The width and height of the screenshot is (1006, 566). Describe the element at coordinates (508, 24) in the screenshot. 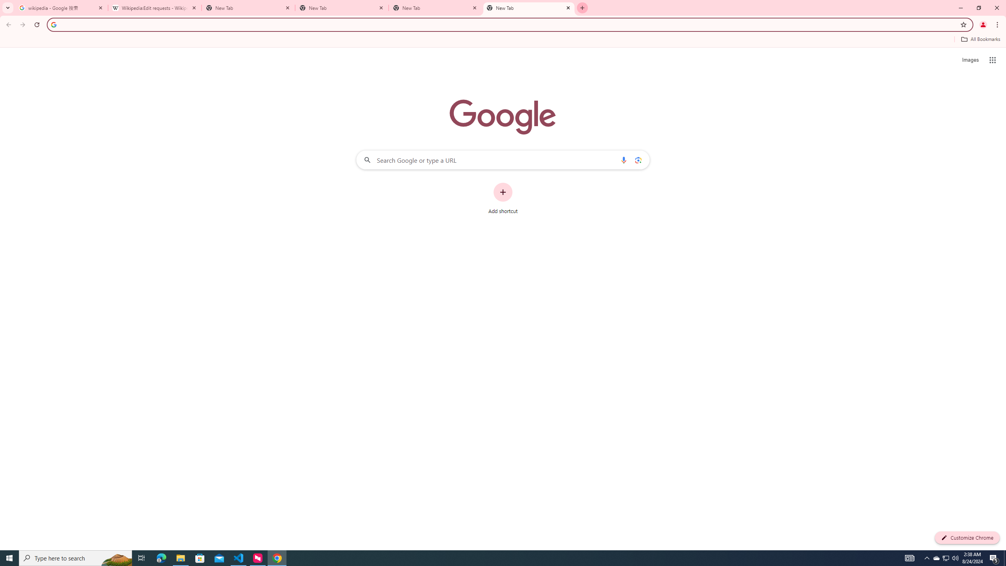

I see `'Address and search bar'` at that location.